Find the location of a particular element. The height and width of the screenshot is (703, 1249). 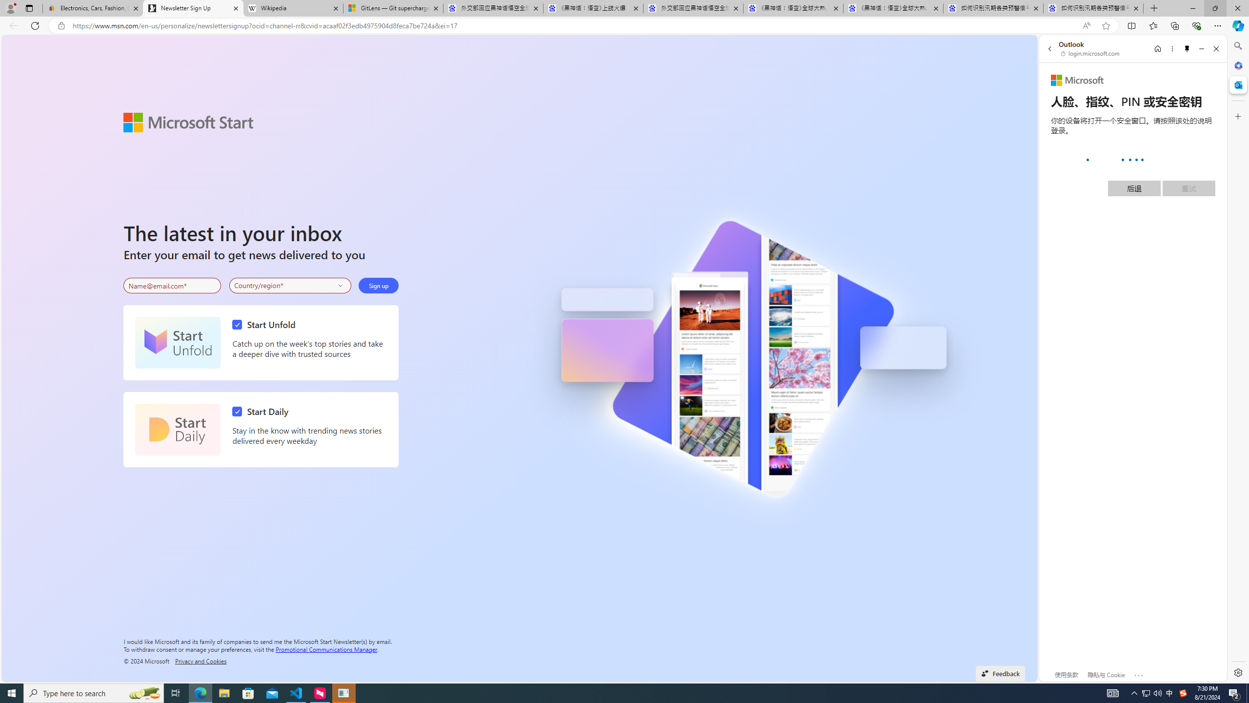

'Start Daily' is located at coordinates (177, 430).